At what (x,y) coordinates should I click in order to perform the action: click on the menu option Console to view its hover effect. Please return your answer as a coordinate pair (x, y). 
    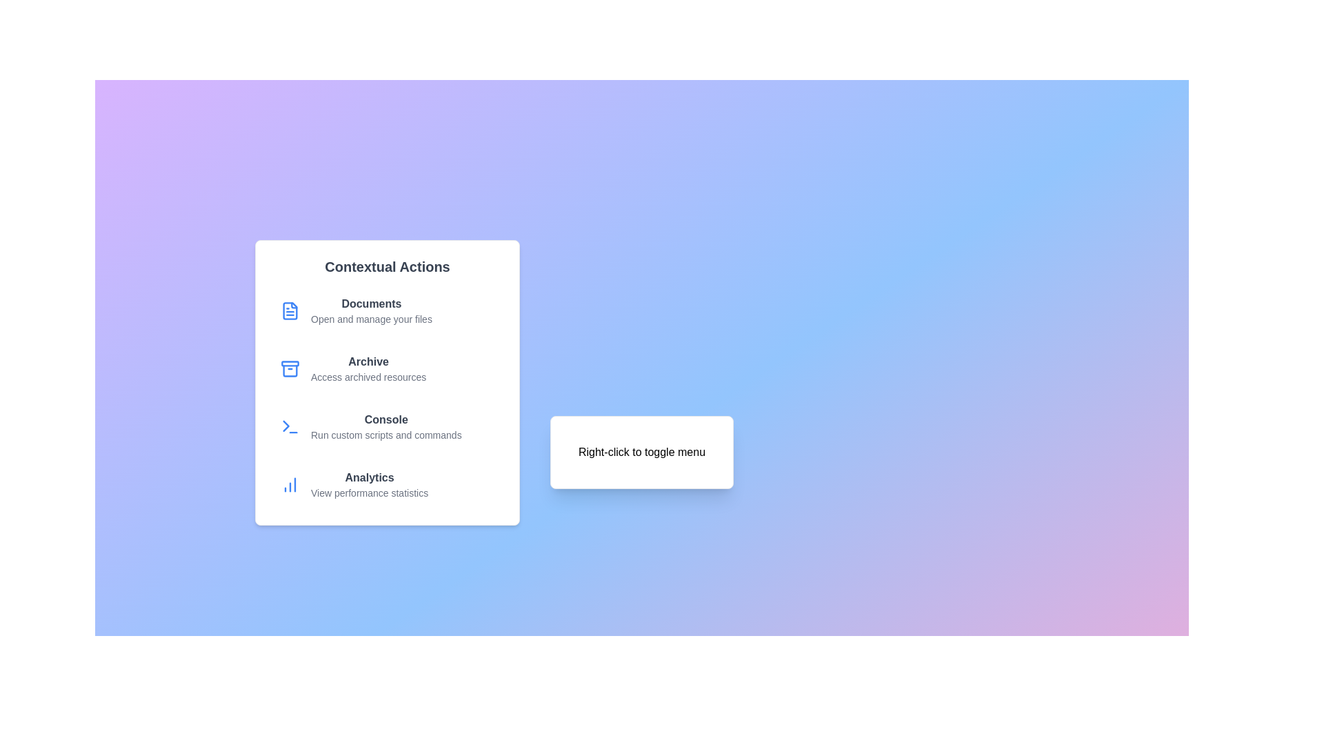
    Looking at the image, I should click on (386, 426).